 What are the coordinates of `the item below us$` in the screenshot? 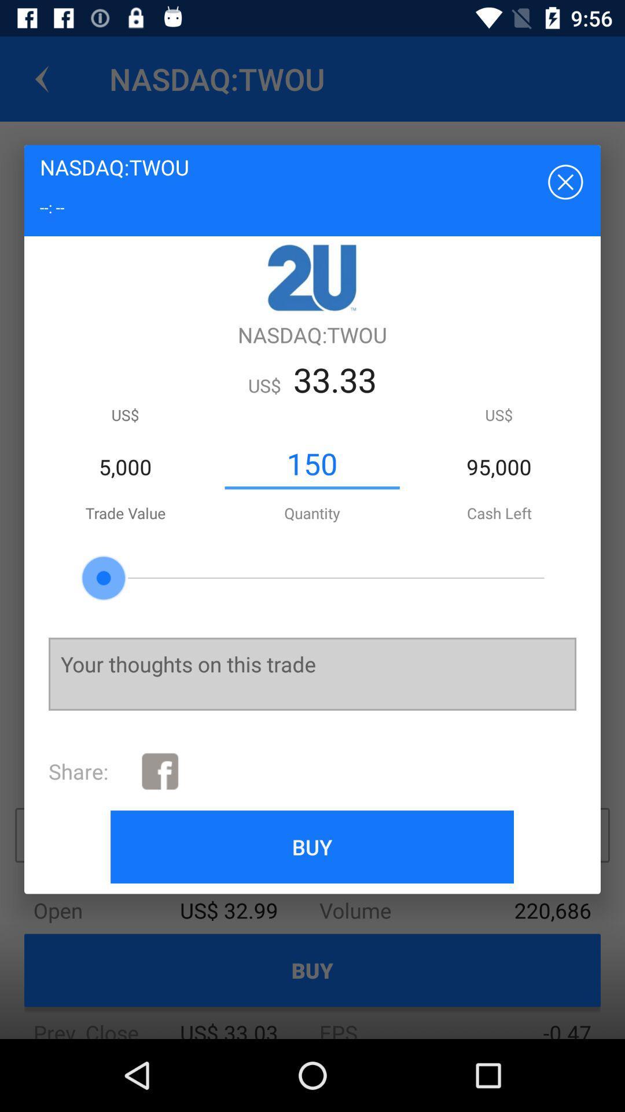 It's located at (311, 464).